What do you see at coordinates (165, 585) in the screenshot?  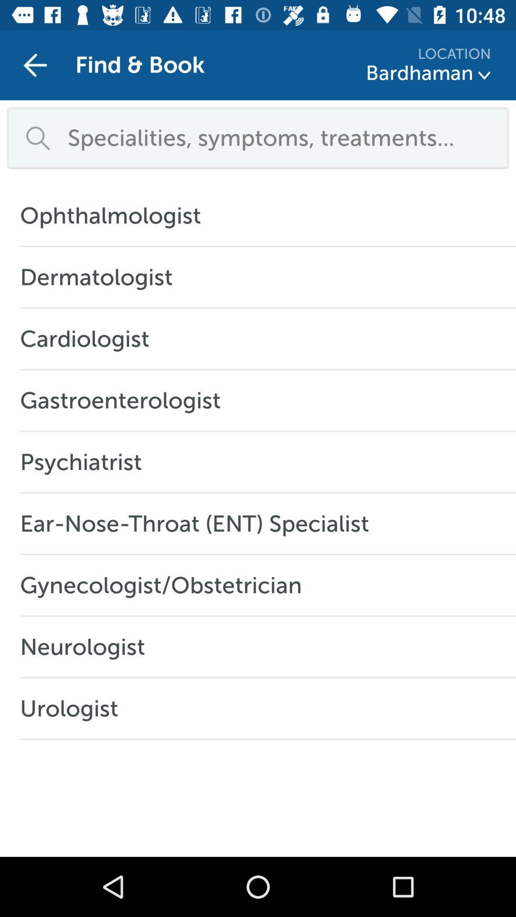 I see `item below the ear nose throat item` at bounding box center [165, 585].